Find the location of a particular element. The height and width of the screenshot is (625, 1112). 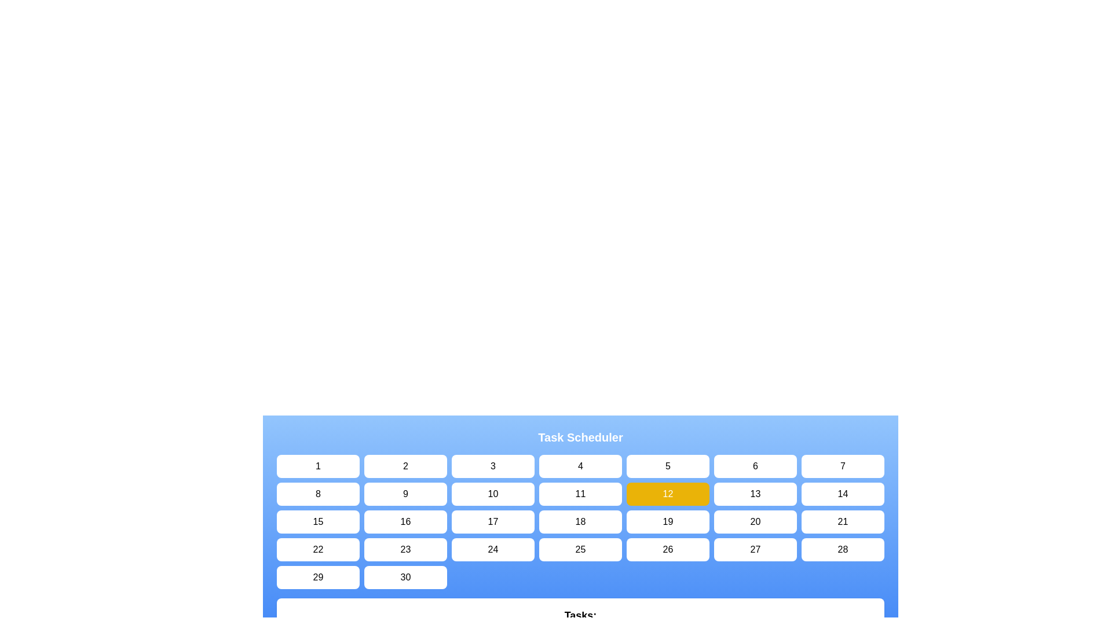

the button representing the number '5' in the grid layout is located at coordinates (668, 466).